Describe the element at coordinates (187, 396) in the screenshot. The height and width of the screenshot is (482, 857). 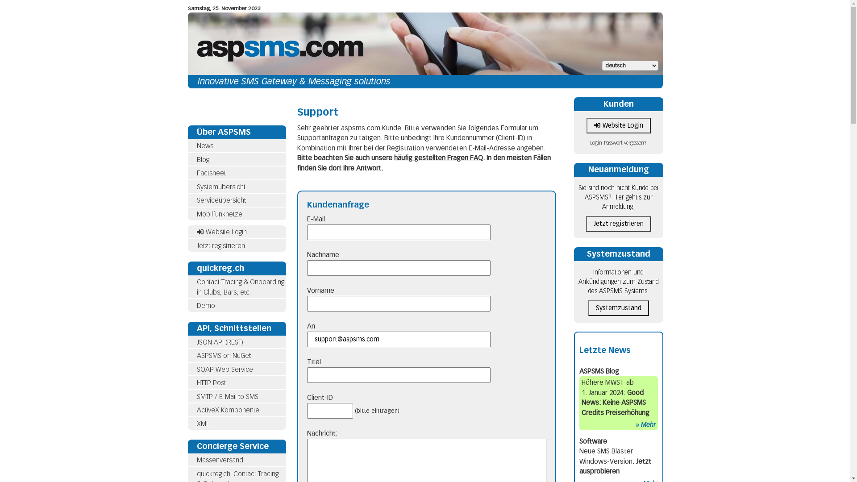
I see `'SMTP / E-Mail to SMS'` at that location.